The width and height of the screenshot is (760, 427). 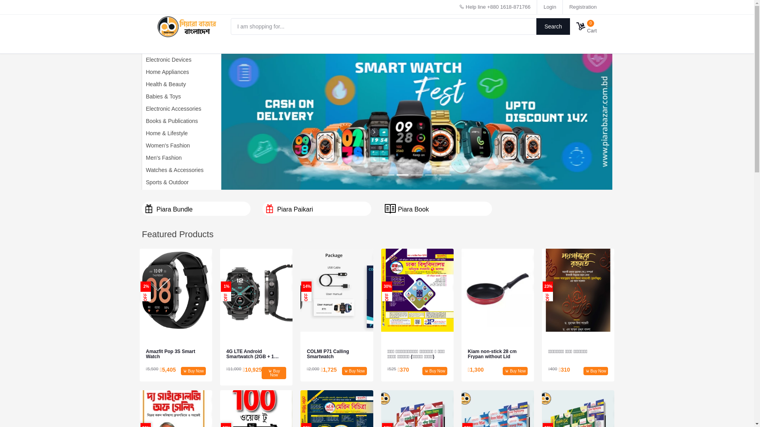 What do you see at coordinates (196, 208) in the screenshot?
I see `'Piara Bundle'` at bounding box center [196, 208].